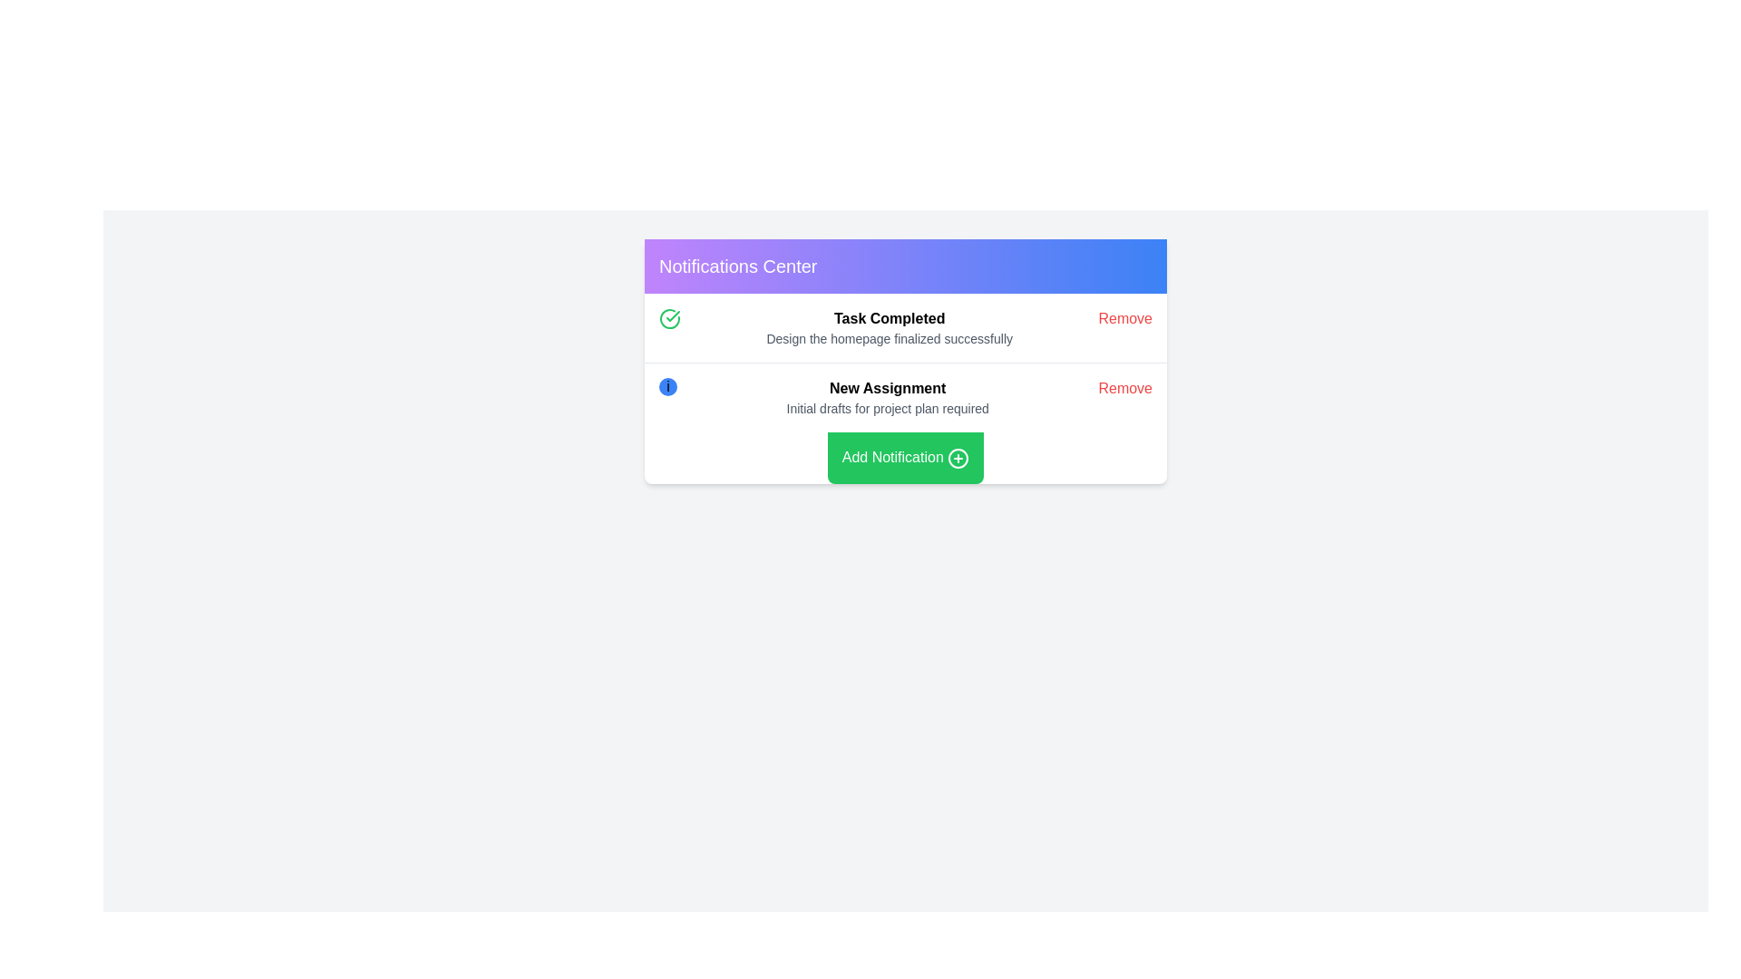 The height and width of the screenshot is (979, 1741). What do you see at coordinates (890, 328) in the screenshot?
I see `the notification message text block that displays a successful task completion message, which is centrally located in the top notification row, adjacent to a green check icon and a 'Remove' option` at bounding box center [890, 328].